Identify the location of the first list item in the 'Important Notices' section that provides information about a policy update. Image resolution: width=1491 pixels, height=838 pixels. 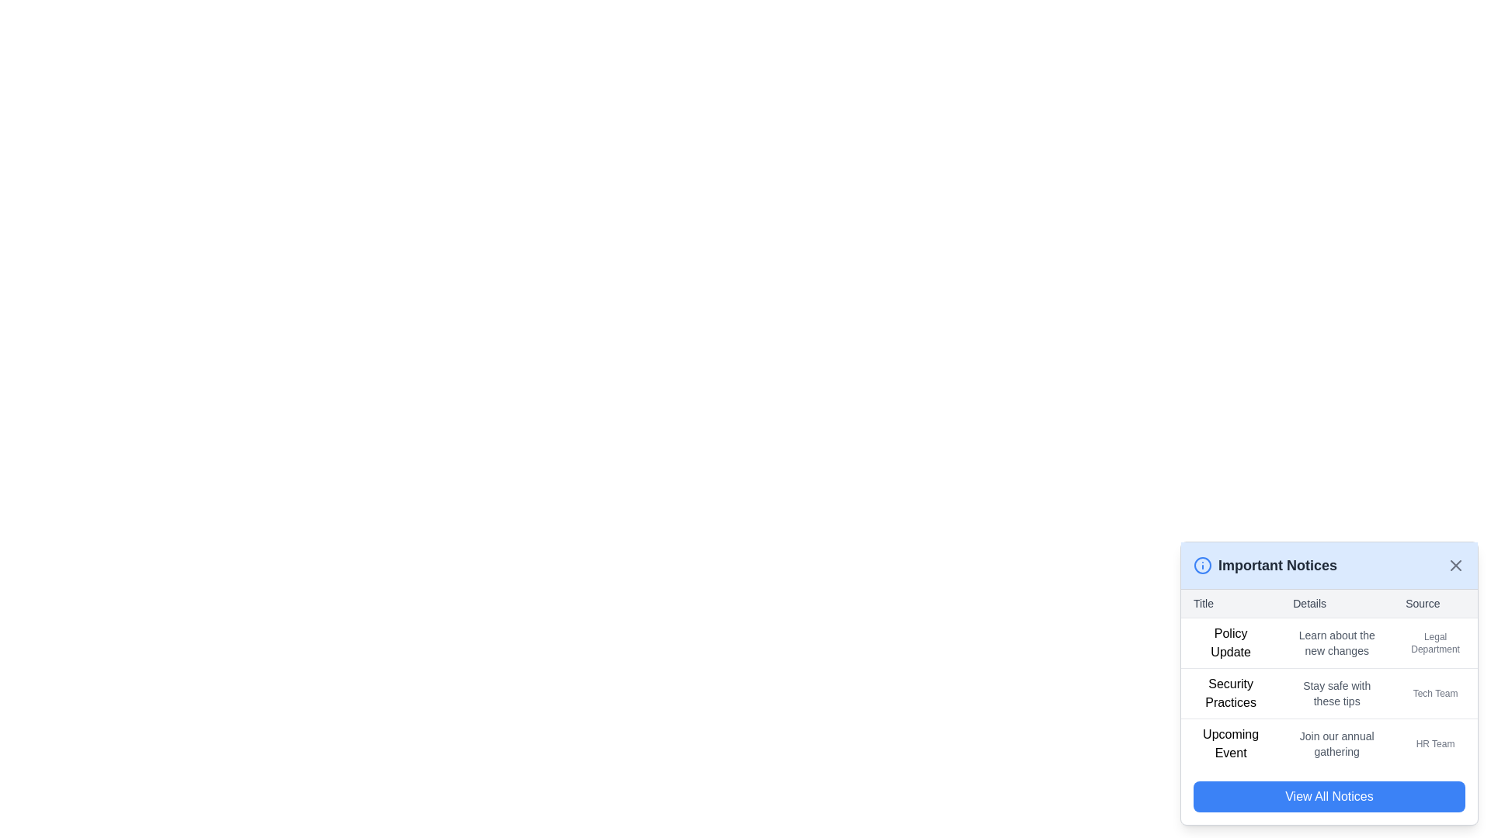
(1329, 643).